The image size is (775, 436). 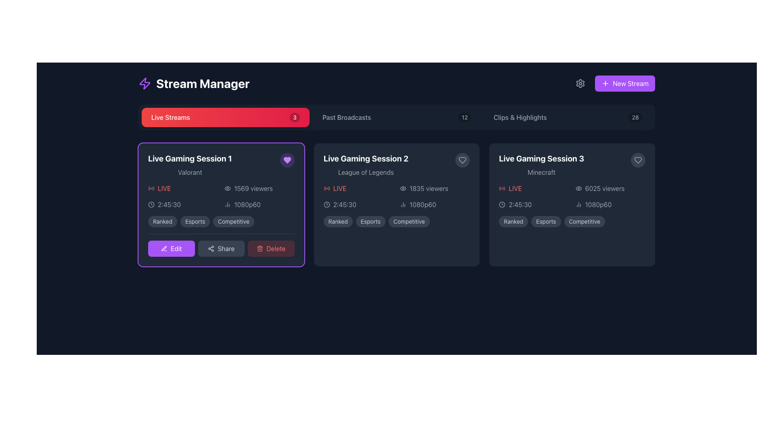 I want to click on informative text displaying the number of viewers, which shows '6025 viewers' and is located to the right of an eye icon in the card for 'Live Gaming Session 3', so click(x=605, y=188).